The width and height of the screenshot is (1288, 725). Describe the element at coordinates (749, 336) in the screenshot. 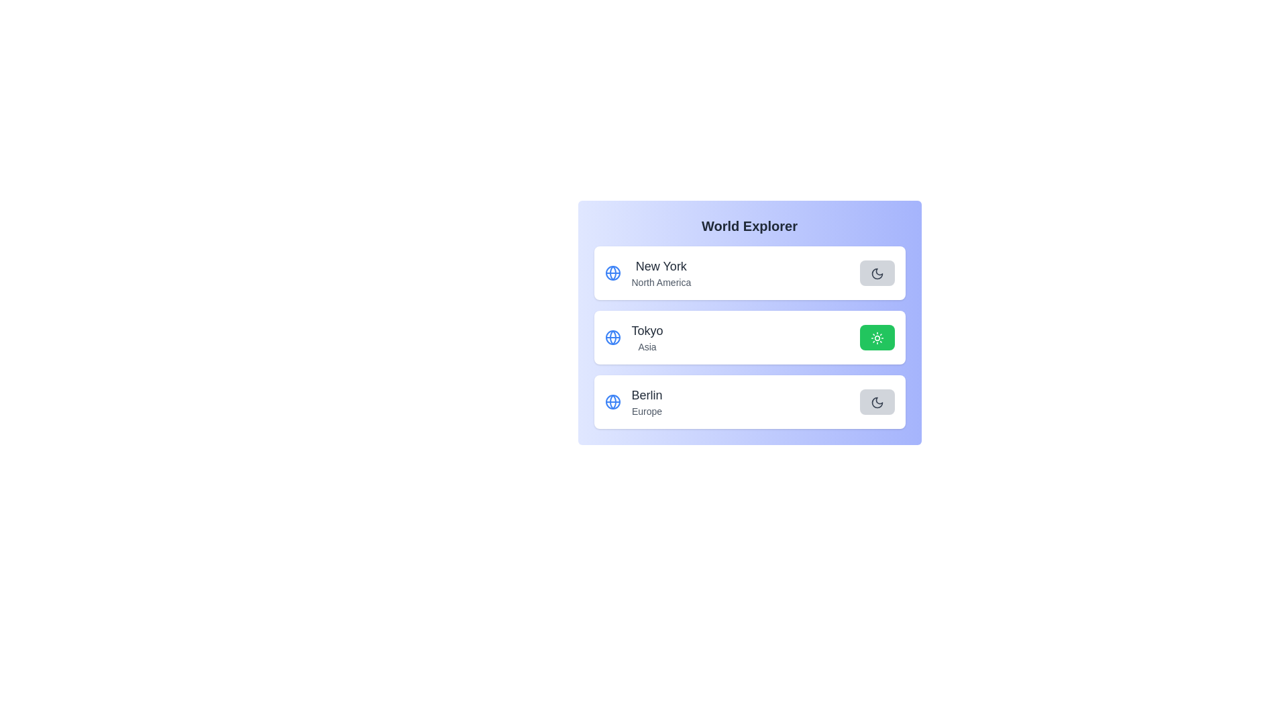

I see `the list item corresponding to Tokyo` at that location.